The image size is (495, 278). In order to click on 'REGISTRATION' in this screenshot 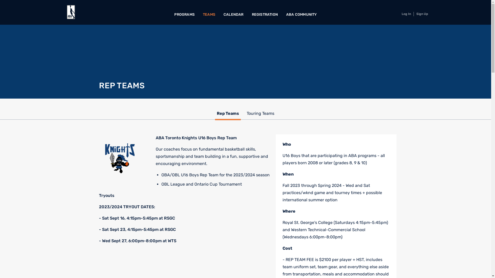, I will do `click(265, 14)`.